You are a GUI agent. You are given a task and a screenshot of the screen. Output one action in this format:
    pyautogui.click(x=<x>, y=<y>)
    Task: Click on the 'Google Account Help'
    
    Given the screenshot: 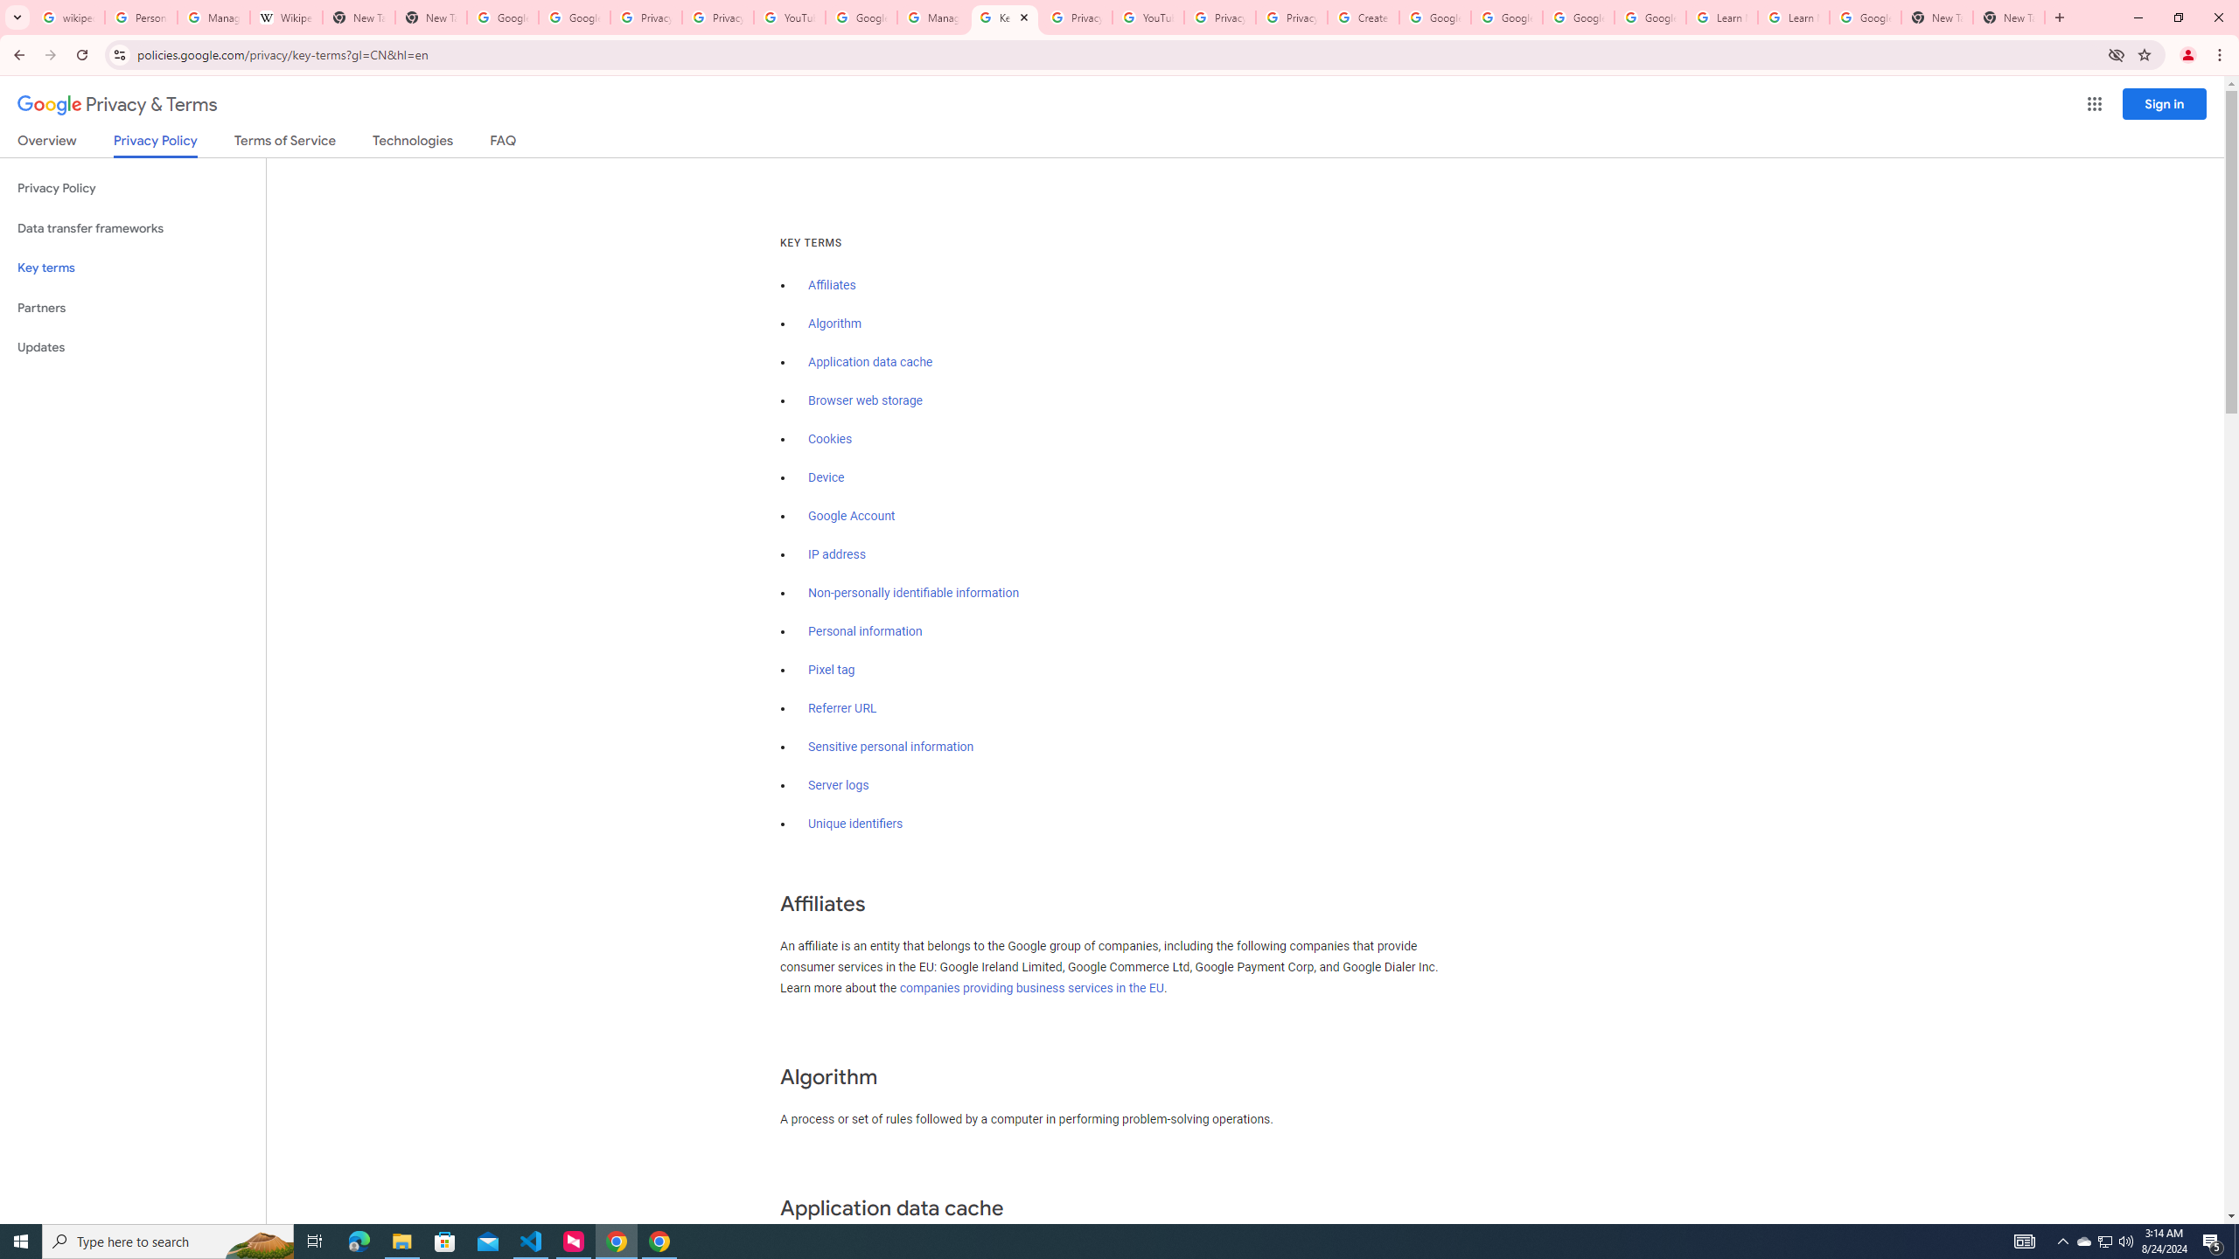 What is the action you would take?
    pyautogui.click(x=1508, y=17)
    